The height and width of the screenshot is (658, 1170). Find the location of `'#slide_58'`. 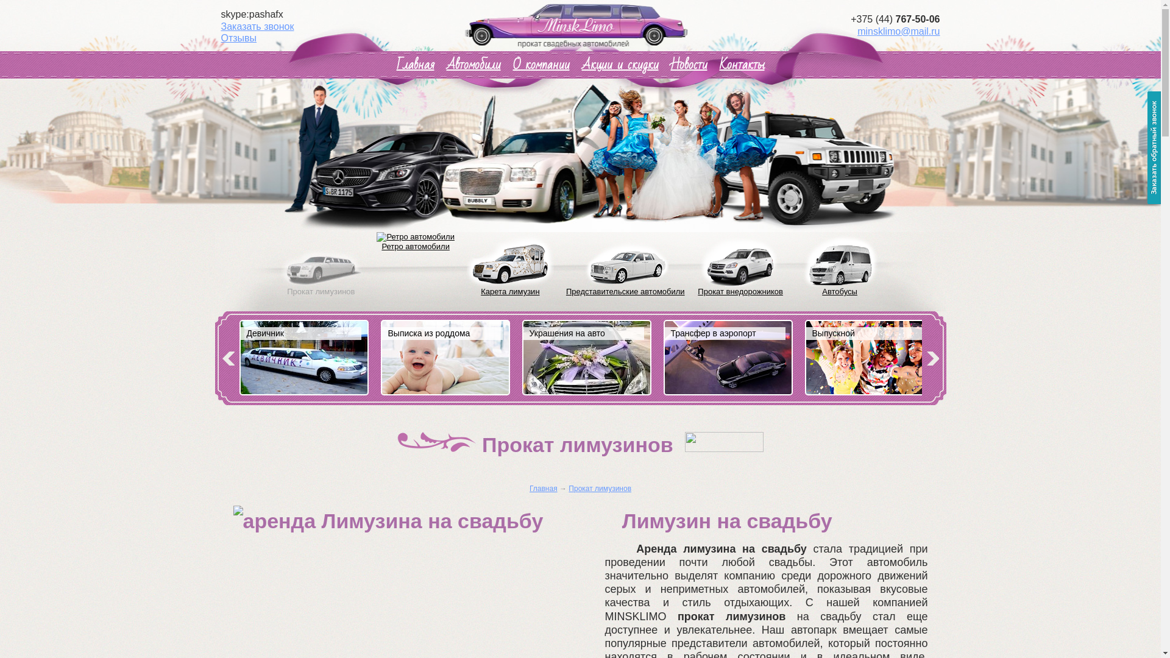

'#slide_58' is located at coordinates (805, 358).